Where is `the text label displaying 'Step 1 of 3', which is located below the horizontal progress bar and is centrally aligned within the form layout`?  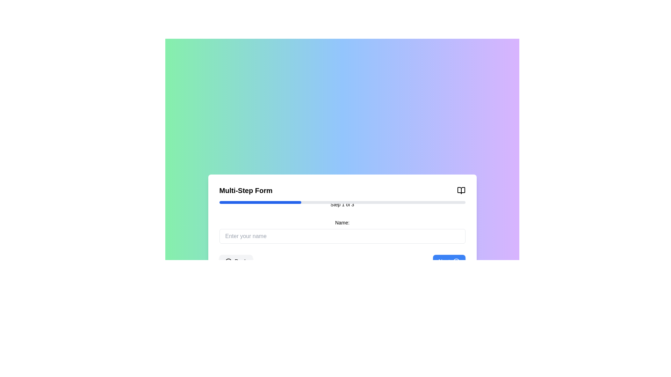 the text label displaying 'Step 1 of 3', which is located below the horizontal progress bar and is centrally aligned within the form layout is located at coordinates (342, 204).